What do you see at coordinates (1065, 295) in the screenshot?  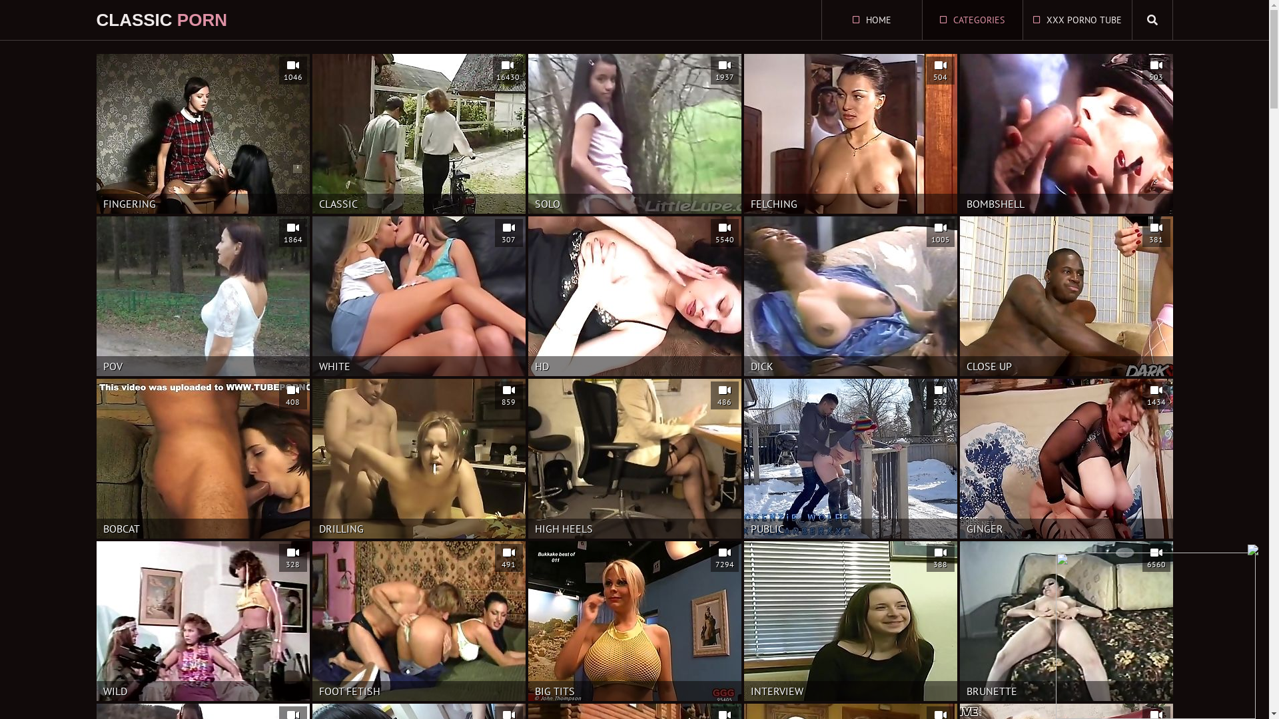 I see `'CLOSE UP` at bounding box center [1065, 295].